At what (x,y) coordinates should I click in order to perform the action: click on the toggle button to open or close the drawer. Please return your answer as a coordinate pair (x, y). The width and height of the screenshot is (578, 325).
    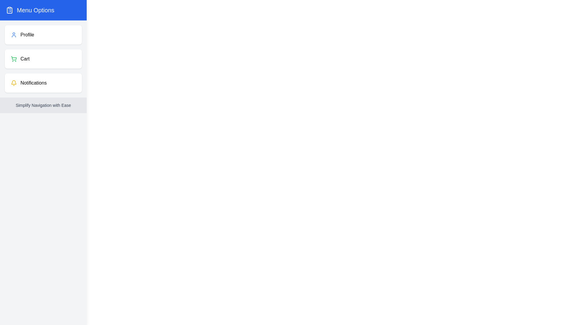
    Looking at the image, I should click on (16, 15).